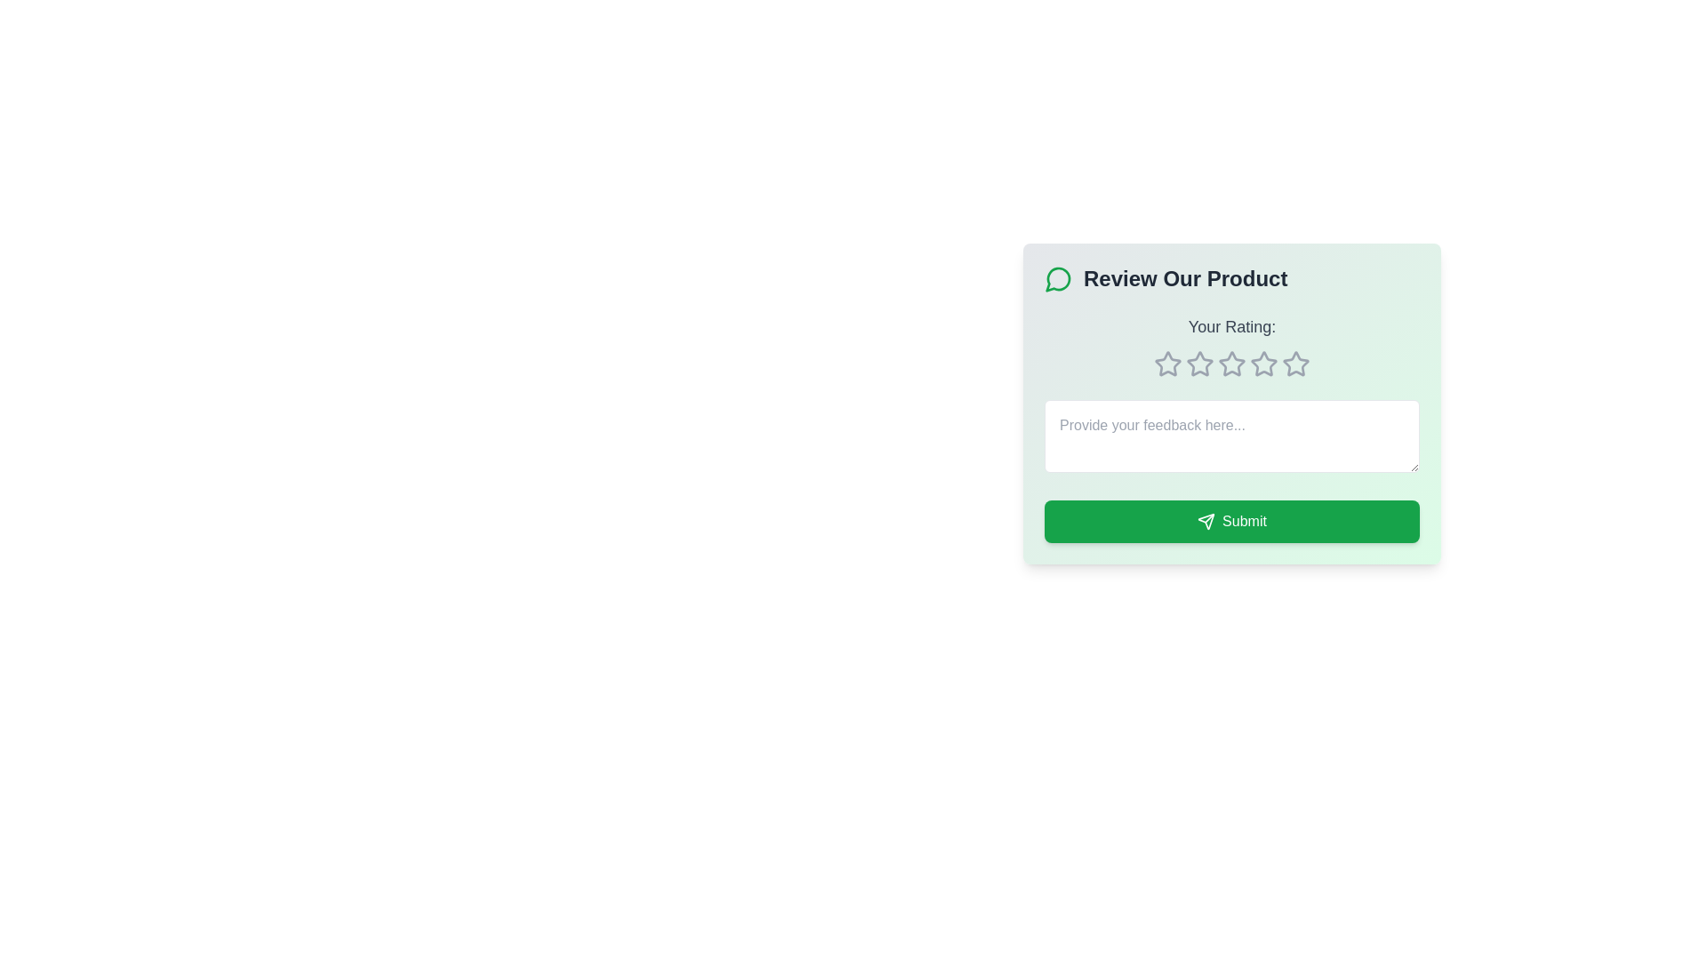 The image size is (1707, 960). What do you see at coordinates (1230, 362) in the screenshot?
I see `the fourth star` at bounding box center [1230, 362].